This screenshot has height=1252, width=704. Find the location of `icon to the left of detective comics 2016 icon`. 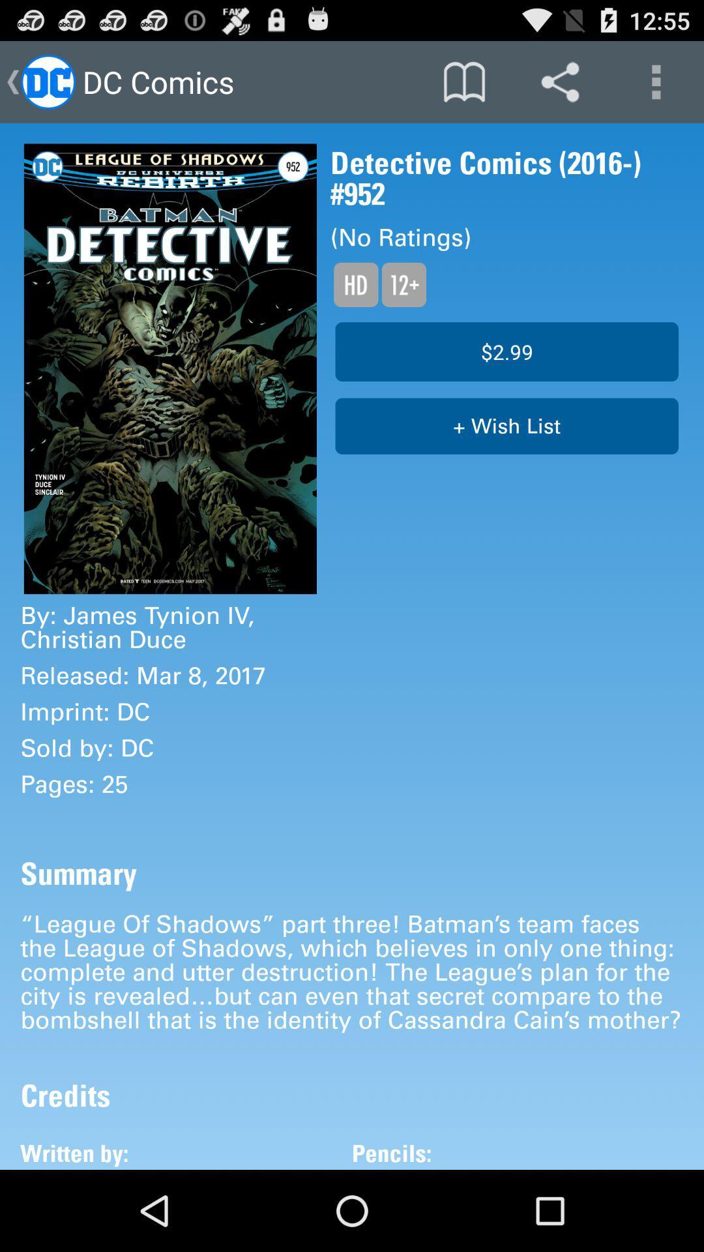

icon to the left of detective comics 2016 icon is located at coordinates (169, 368).